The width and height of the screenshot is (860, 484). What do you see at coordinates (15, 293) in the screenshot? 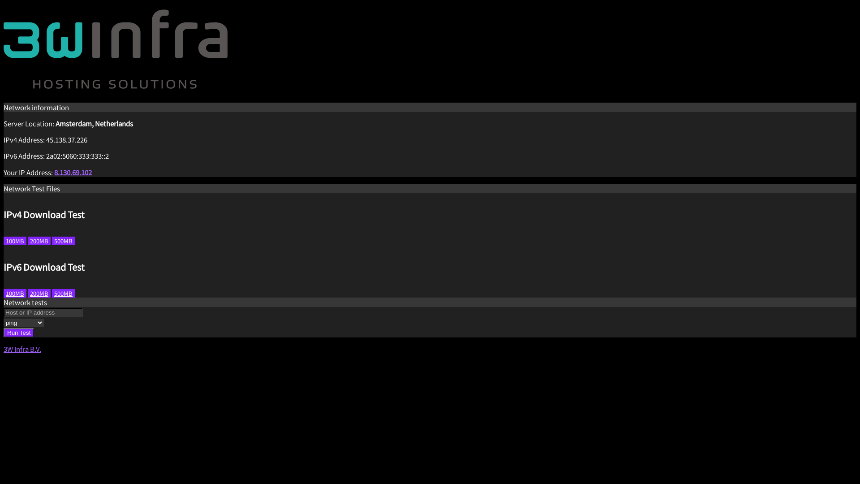
I see `'100MB'` at bounding box center [15, 293].